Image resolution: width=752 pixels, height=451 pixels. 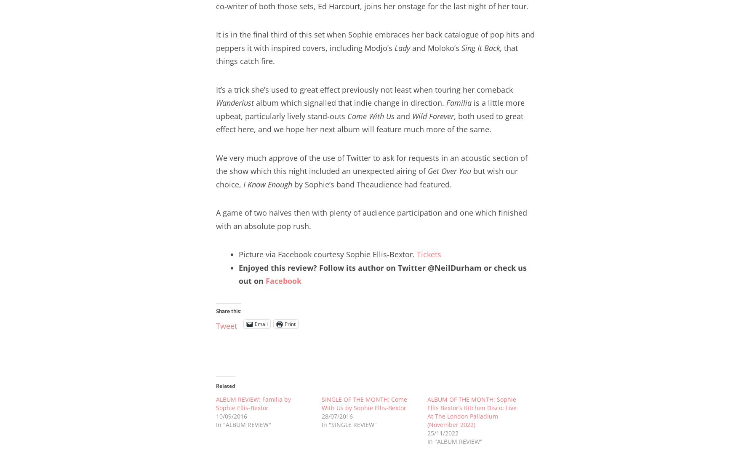 What do you see at coordinates (482, 47) in the screenshot?
I see `'Sing It Back,'` at bounding box center [482, 47].